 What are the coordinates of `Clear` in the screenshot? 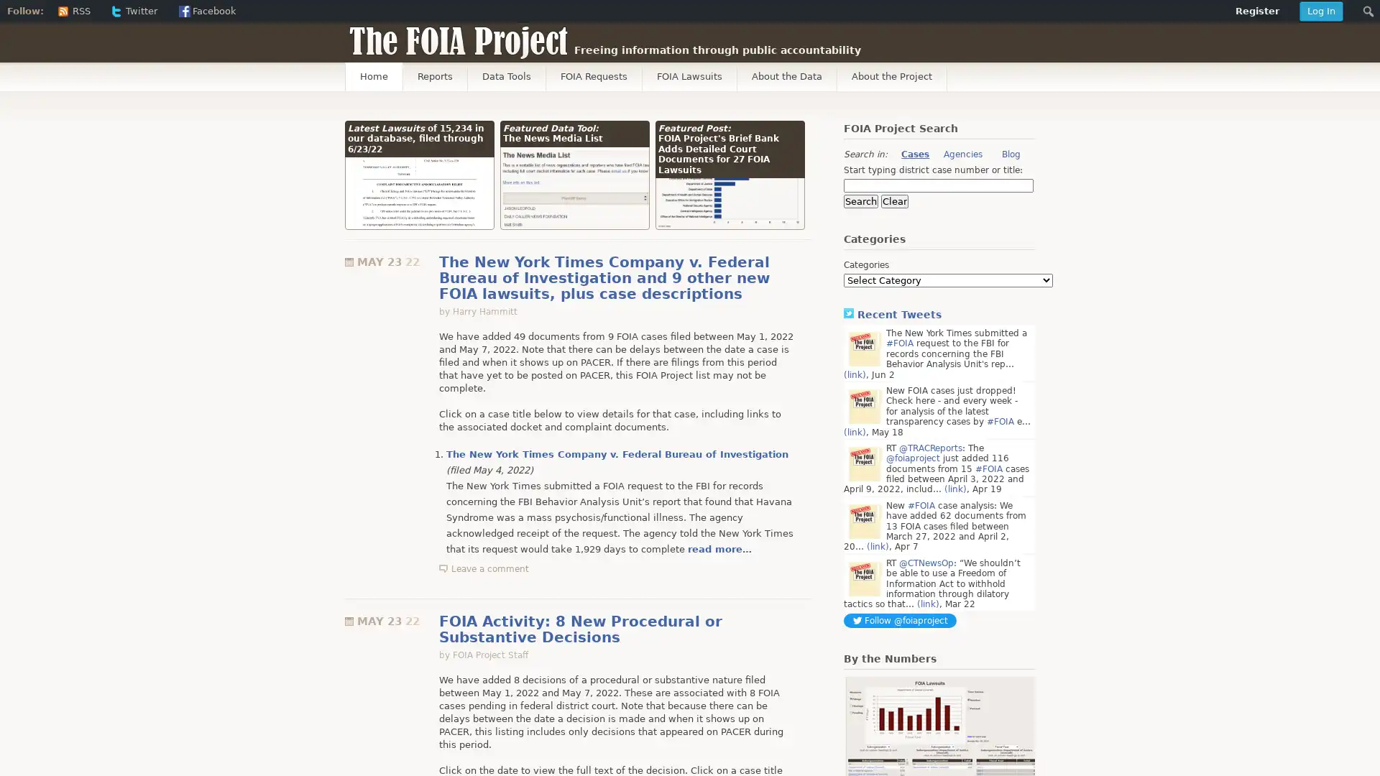 It's located at (893, 201).